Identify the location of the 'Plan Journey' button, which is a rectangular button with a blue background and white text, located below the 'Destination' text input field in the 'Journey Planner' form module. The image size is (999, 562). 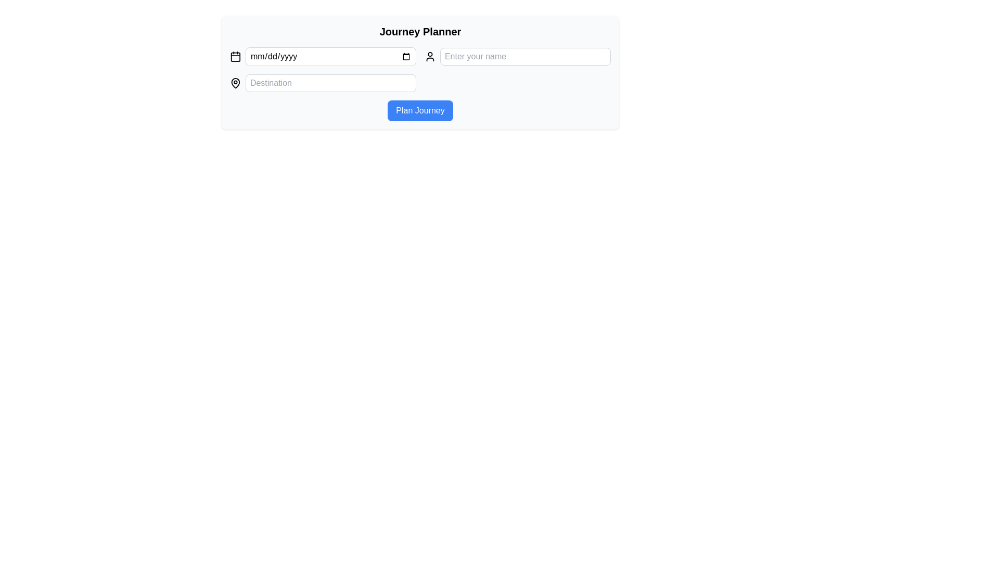
(420, 110).